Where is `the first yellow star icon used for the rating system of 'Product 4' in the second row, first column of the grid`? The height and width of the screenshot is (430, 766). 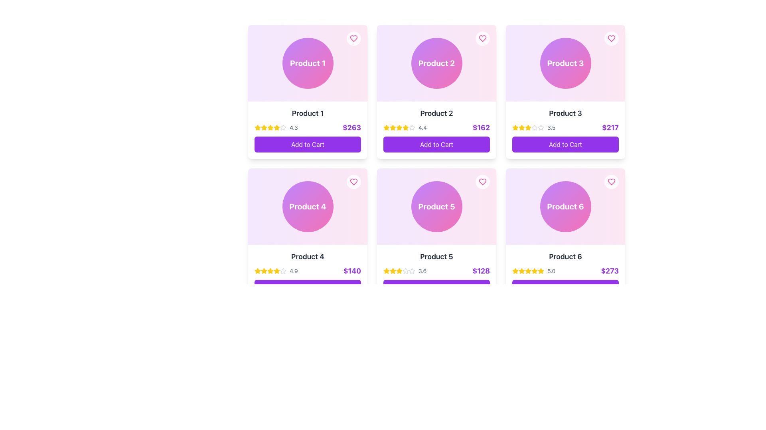 the first yellow star icon used for the rating system of 'Product 4' in the second row, first column of the grid is located at coordinates (258, 271).